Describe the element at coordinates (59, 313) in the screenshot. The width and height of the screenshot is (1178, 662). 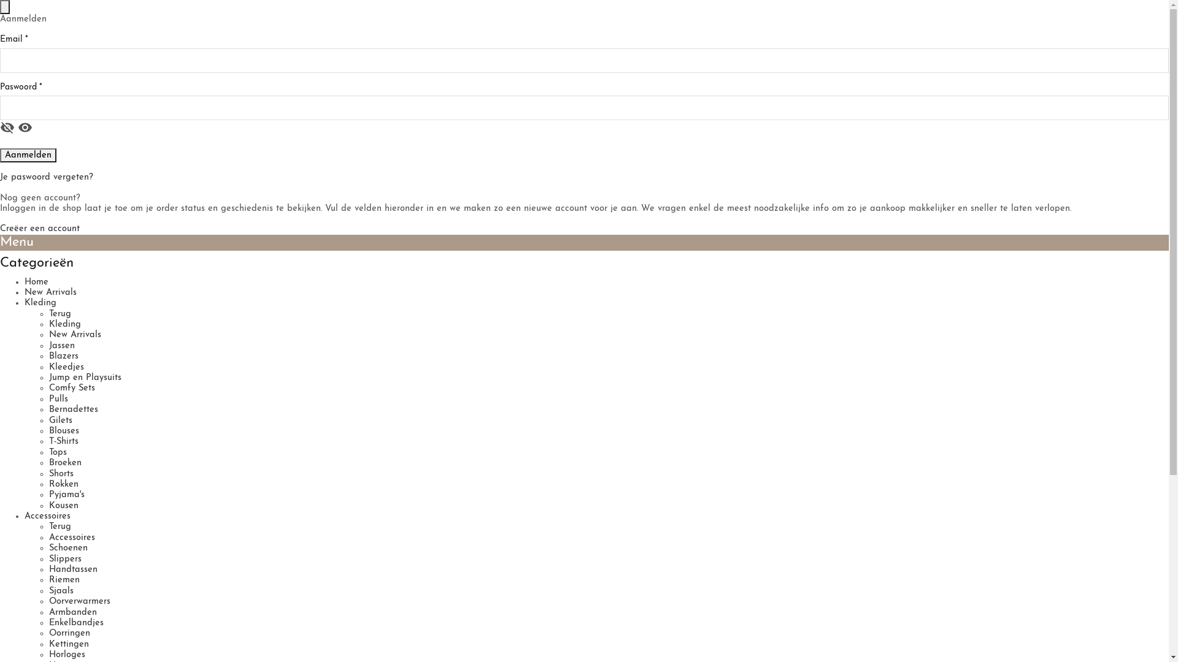
I see `'Terug'` at that location.